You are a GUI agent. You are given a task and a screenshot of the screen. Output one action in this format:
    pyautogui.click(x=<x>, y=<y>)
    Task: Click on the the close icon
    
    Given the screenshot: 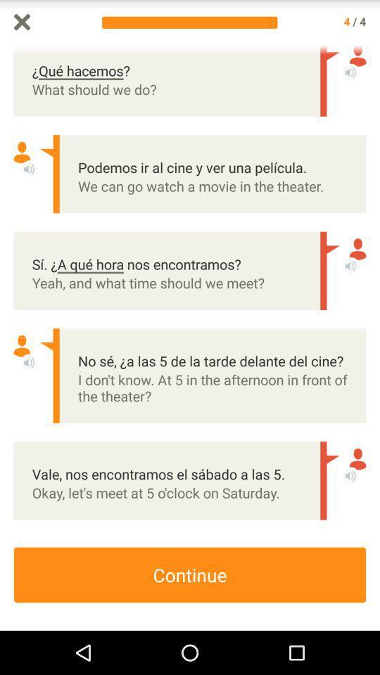 What is the action you would take?
    pyautogui.click(x=21, y=22)
    